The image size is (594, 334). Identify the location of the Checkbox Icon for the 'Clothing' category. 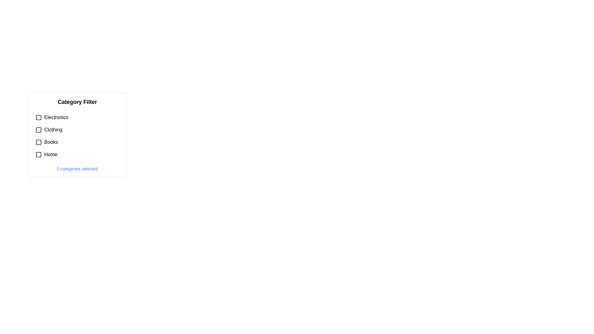
(38, 130).